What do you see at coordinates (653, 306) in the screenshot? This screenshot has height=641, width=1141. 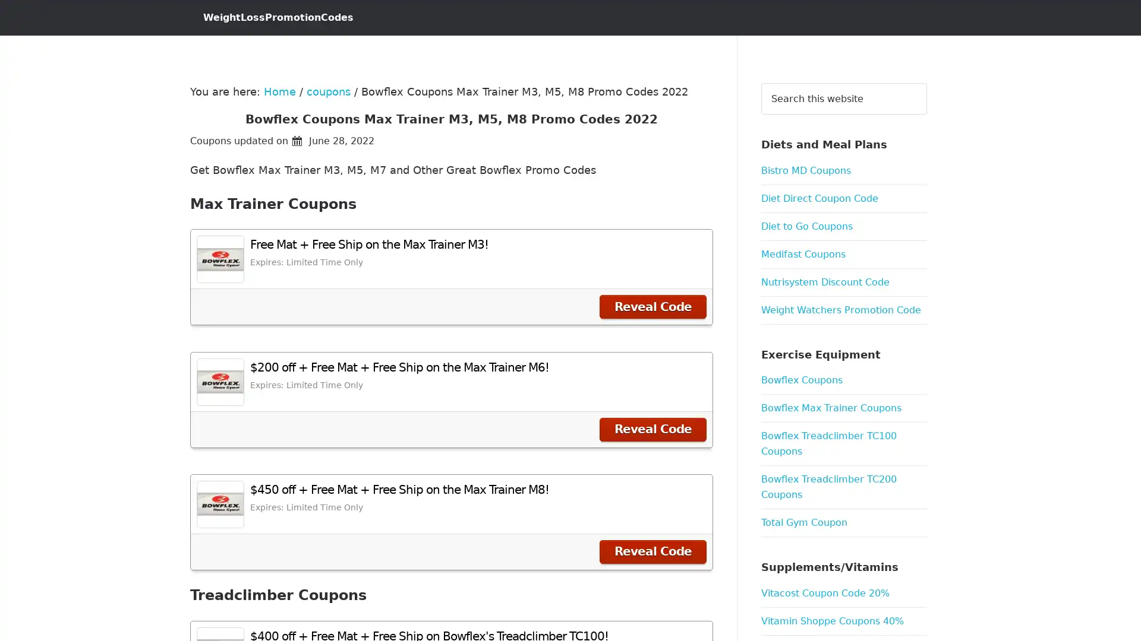 I see `Reveal Code` at bounding box center [653, 306].